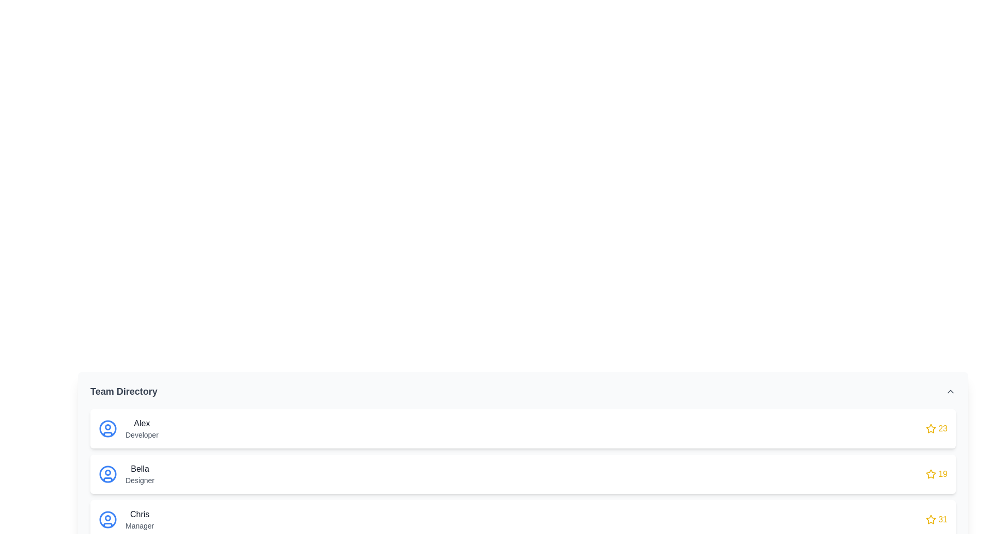 The width and height of the screenshot is (992, 558). I want to click on the star-shaped icon outlined in golden yellow located in the second entry of the 'Team Directory' section, next to the numeric value '19' in red text for 'Bella,' a 'Designer.', so click(931, 474).